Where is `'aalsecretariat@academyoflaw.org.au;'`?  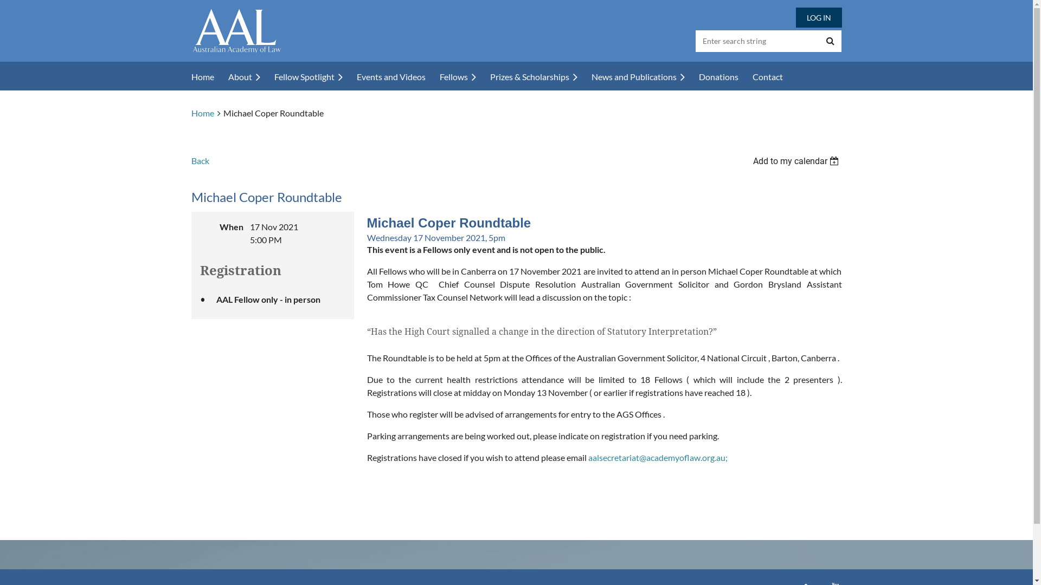
'aalsecretariat@academyoflaw.org.au;' is located at coordinates (657, 457).